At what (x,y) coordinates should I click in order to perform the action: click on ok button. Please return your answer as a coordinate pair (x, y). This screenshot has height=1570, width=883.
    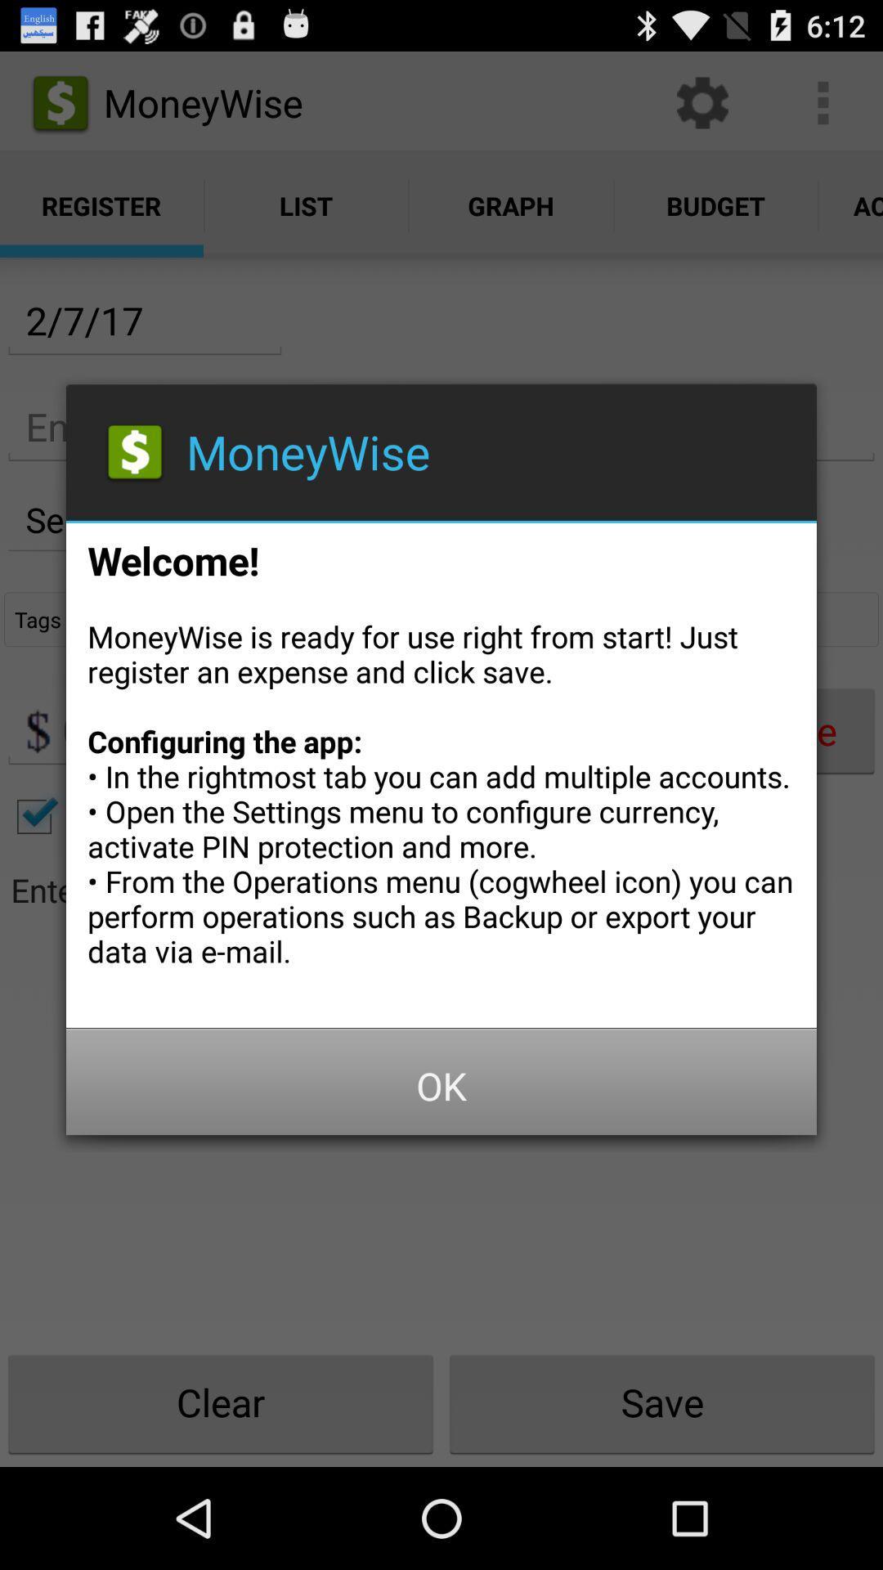
    Looking at the image, I should click on (441, 1086).